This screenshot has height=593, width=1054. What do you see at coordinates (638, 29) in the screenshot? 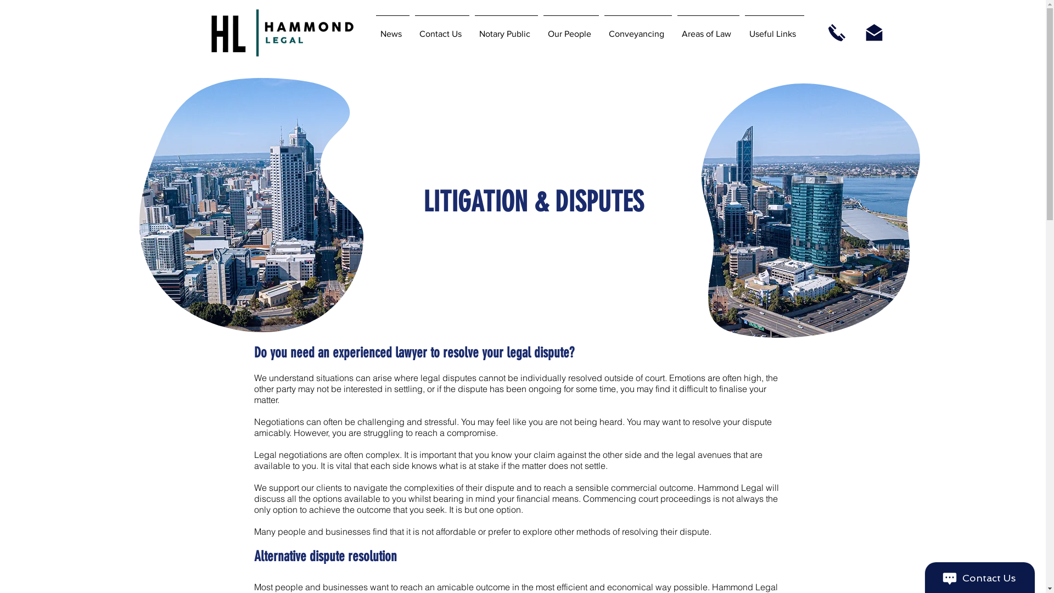
I see `'Conveyancing'` at bounding box center [638, 29].